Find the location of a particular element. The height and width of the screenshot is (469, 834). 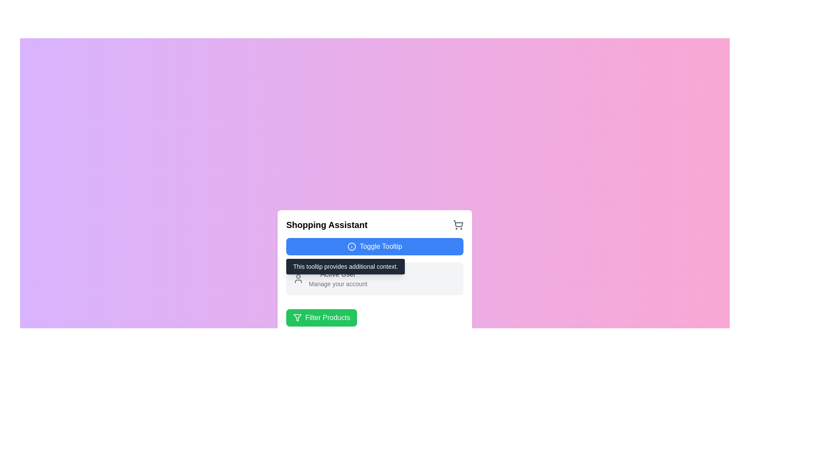

the person icon, which is gray in color and located to the left of the 'Active User' section with the subtitle 'Manage your account.' is located at coordinates (298, 278).